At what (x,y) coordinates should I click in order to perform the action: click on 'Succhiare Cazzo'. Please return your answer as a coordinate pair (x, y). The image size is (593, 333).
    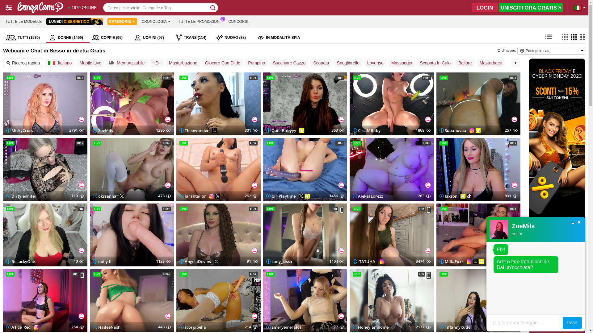
    Looking at the image, I should click on (270, 63).